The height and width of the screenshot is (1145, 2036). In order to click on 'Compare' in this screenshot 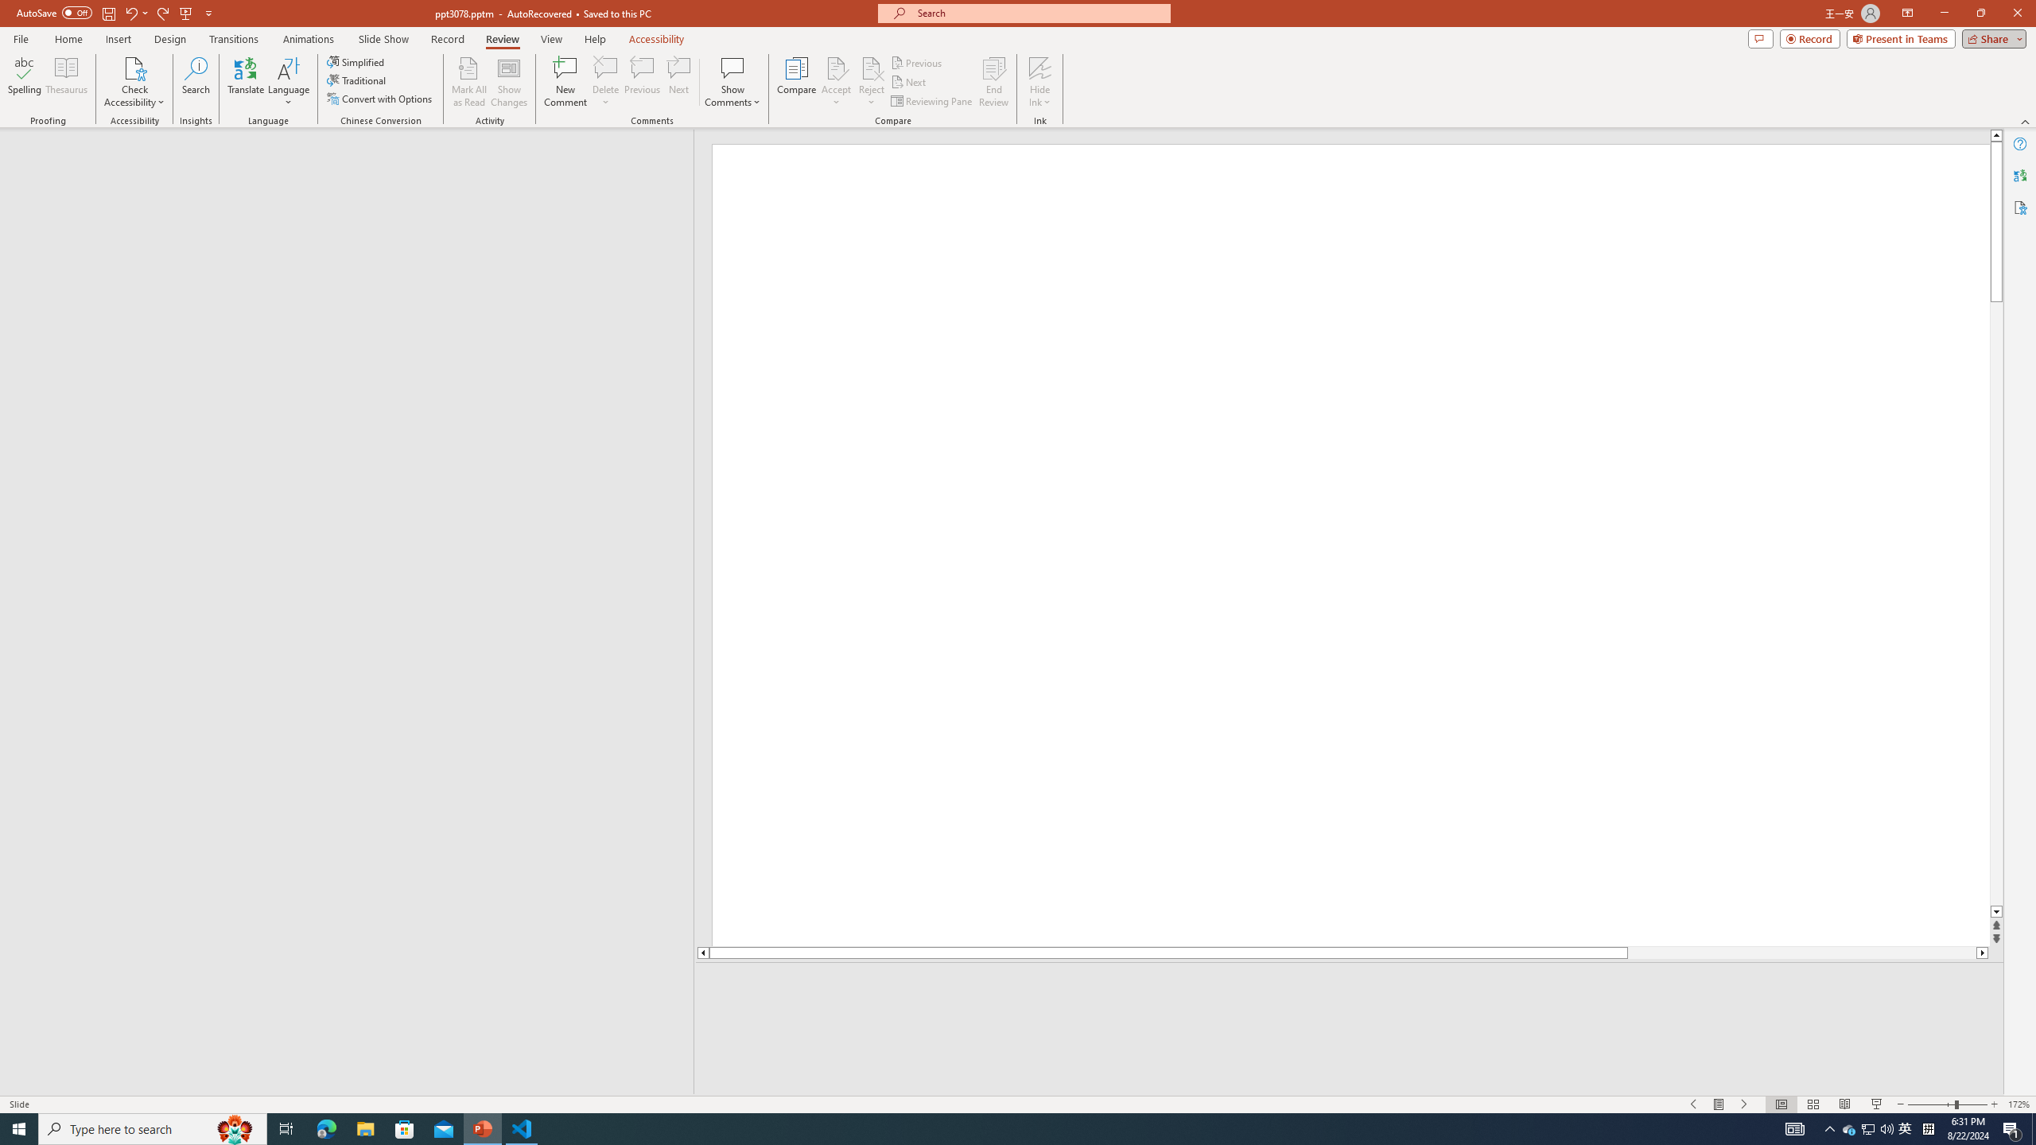, I will do `click(797, 82)`.